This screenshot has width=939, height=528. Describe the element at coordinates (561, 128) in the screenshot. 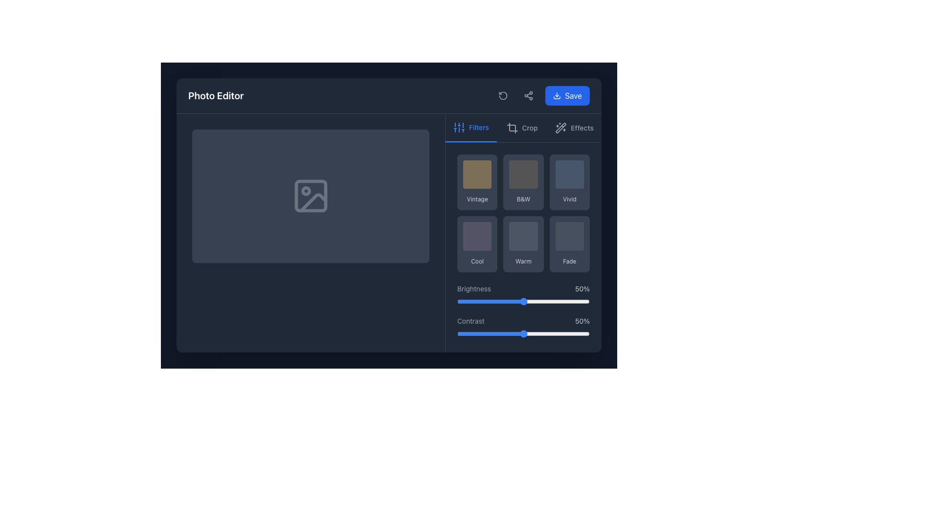

I see `the wand icon with sparkles located in the top-right section of the interface` at that location.